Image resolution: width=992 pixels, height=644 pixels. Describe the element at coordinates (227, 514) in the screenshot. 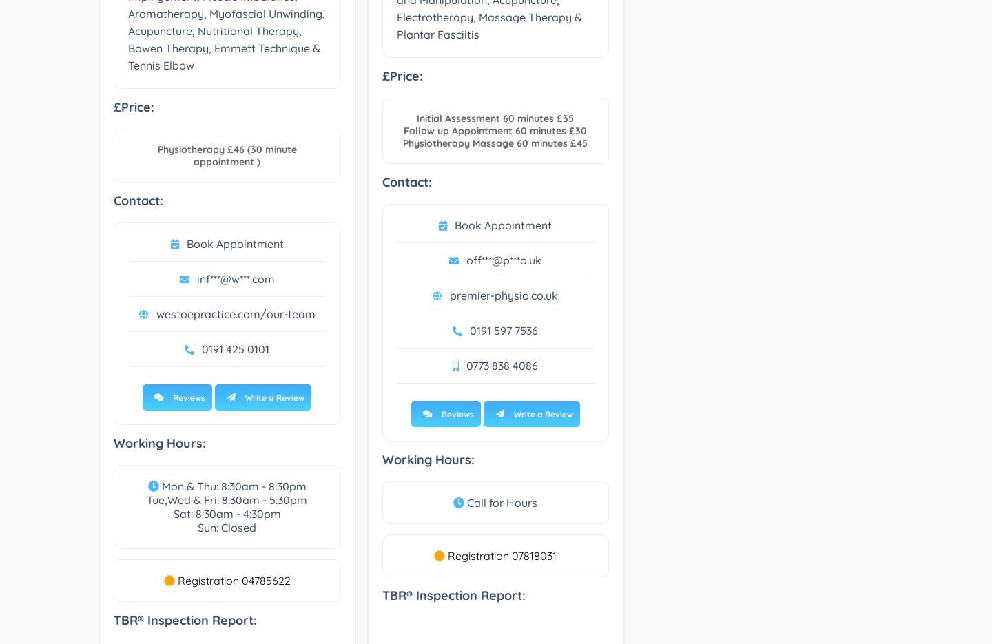

I see `'Sat: 8:30am - 4:30pm'` at that location.